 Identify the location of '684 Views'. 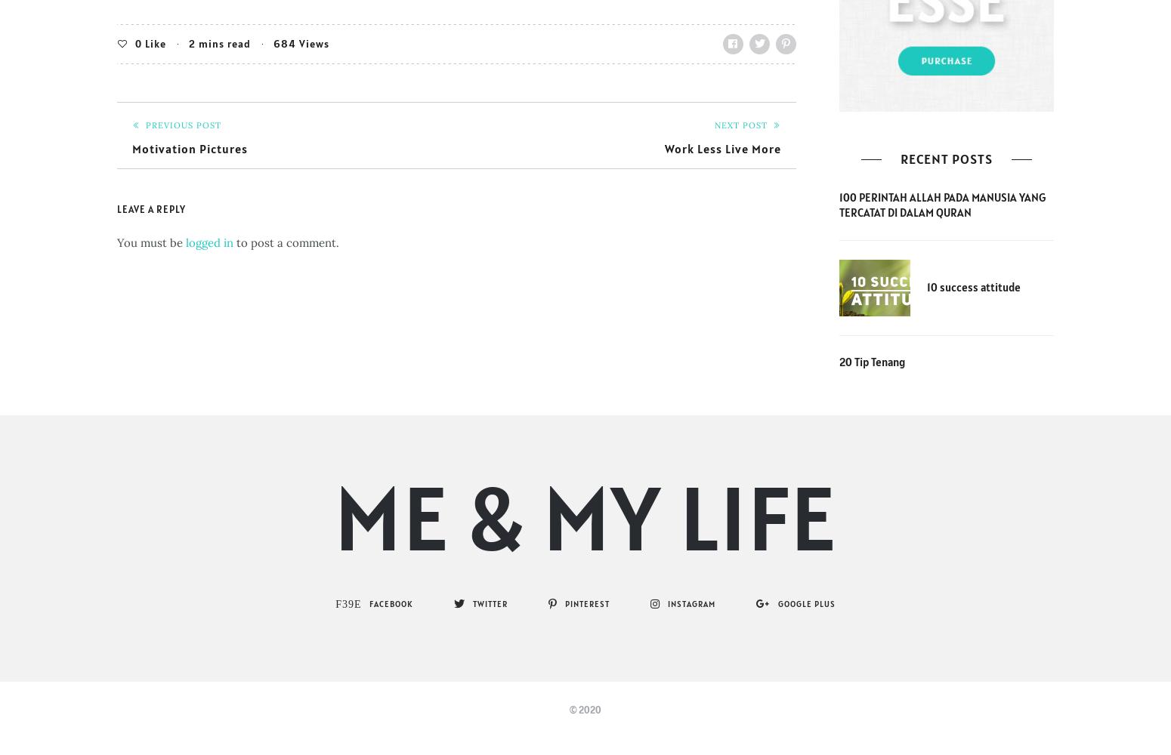
(301, 43).